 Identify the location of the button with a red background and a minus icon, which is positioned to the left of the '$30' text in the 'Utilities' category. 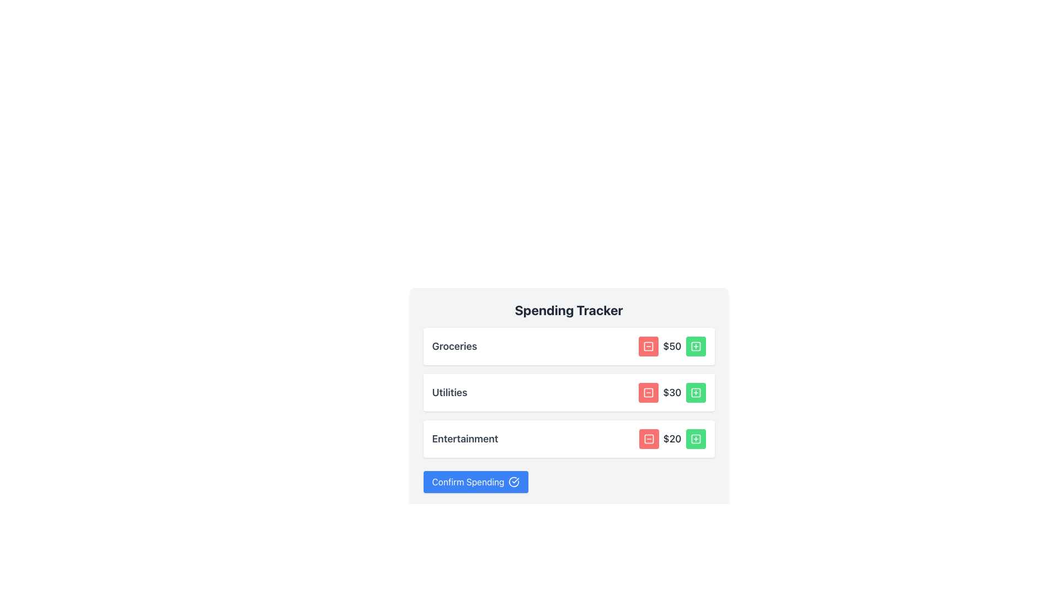
(649, 392).